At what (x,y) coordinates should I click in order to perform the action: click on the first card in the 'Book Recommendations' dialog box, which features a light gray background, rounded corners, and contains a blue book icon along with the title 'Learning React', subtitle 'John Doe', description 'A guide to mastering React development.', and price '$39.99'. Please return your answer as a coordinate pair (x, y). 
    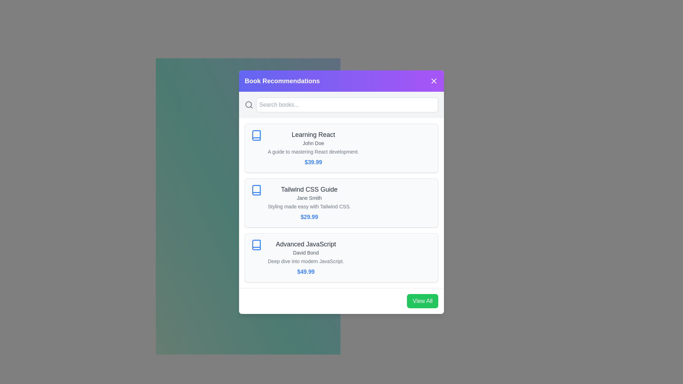
    Looking at the image, I should click on (341, 148).